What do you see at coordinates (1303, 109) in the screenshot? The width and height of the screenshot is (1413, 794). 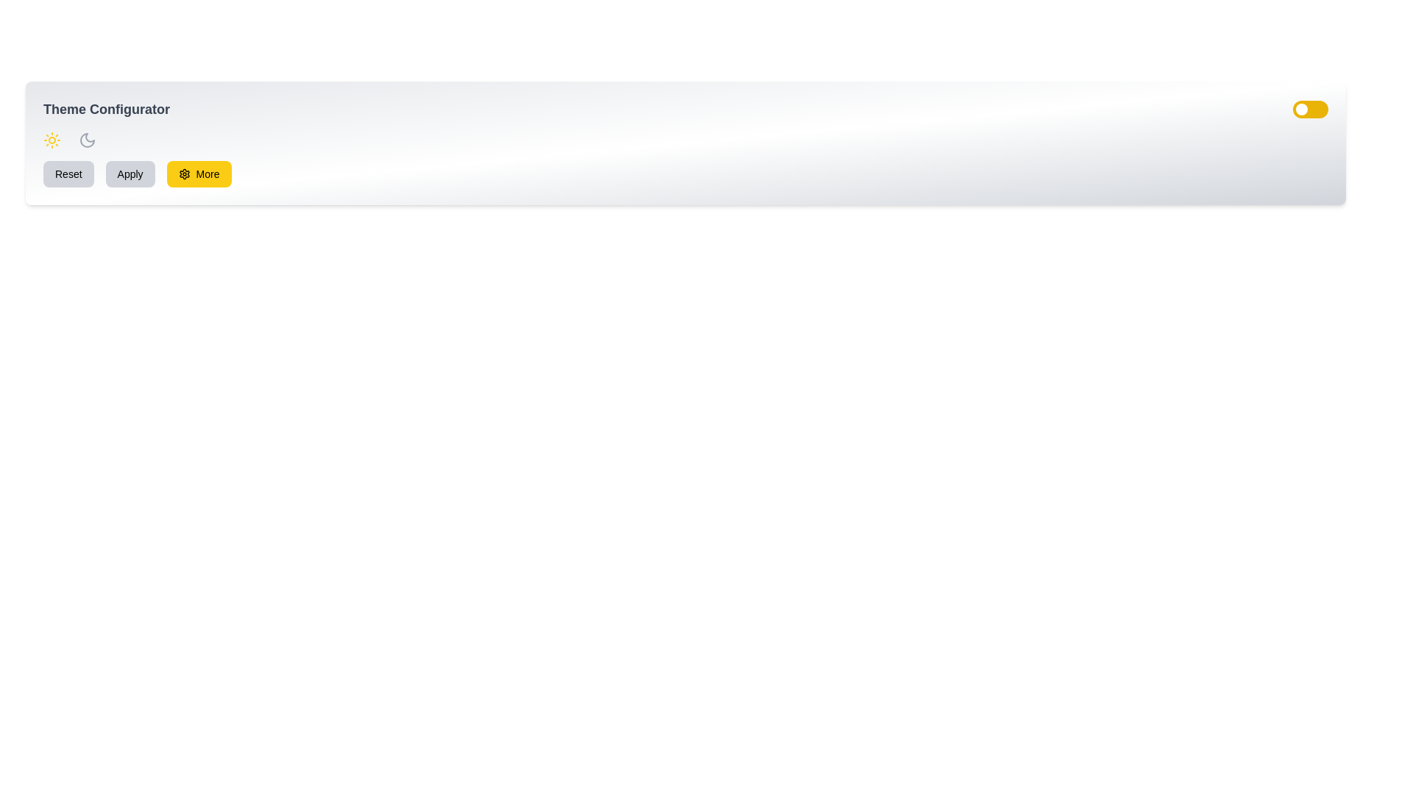 I see `the toggle switch` at bounding box center [1303, 109].